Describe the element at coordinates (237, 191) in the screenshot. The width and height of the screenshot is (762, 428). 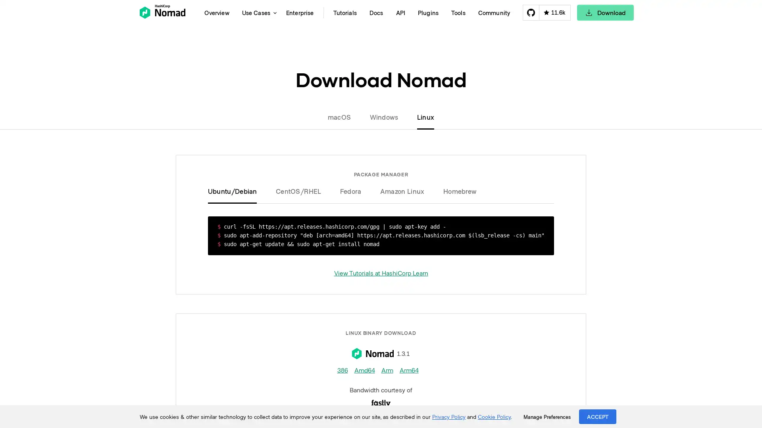
I see `Ubuntu/Debian` at that location.